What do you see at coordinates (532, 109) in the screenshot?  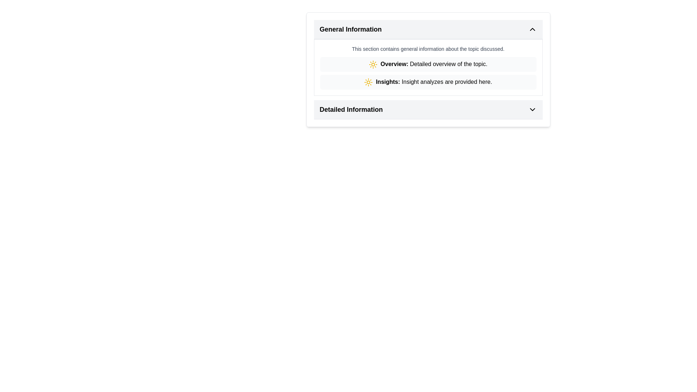 I see `the downward-pointing chevron icon styled in a minimalist manner, located at the far right of the 'Detailed Information' row within a collapsible section header` at bounding box center [532, 109].